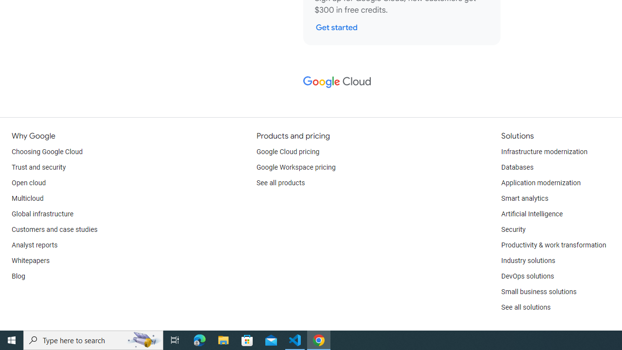 This screenshot has height=350, width=622. What do you see at coordinates (42, 214) in the screenshot?
I see `'Global infrastructure'` at bounding box center [42, 214].